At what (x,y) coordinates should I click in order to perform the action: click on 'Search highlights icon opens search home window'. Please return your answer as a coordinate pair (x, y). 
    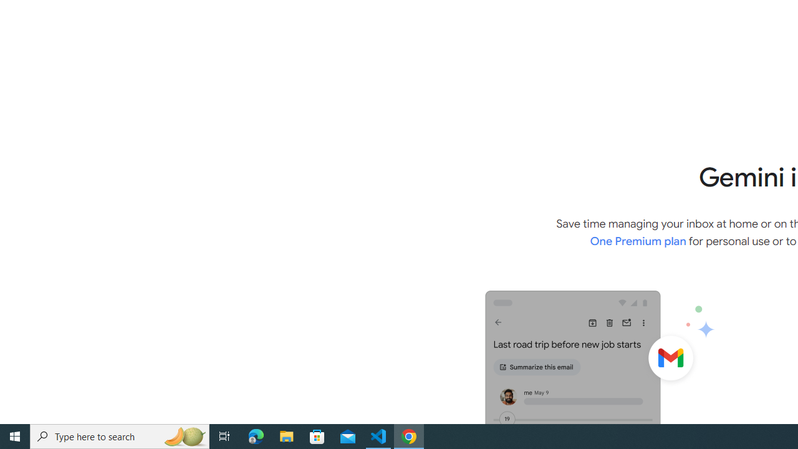
    Looking at the image, I should click on (183, 435).